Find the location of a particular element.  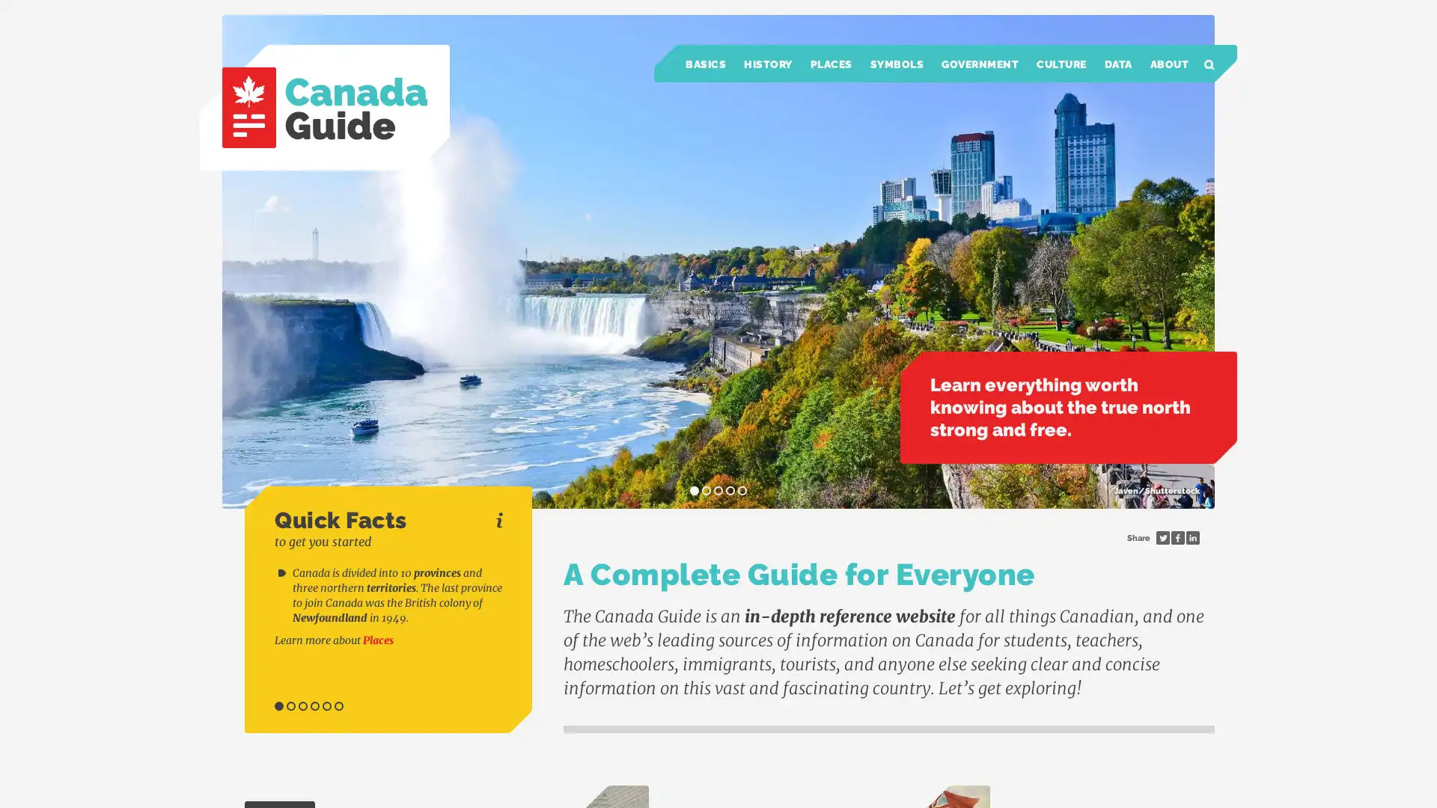

Go to slide 1 is located at coordinates (693, 490).